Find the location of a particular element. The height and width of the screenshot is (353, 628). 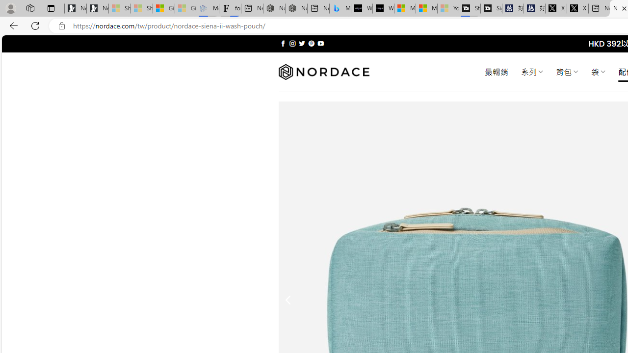

'X' is located at coordinates (577, 8).